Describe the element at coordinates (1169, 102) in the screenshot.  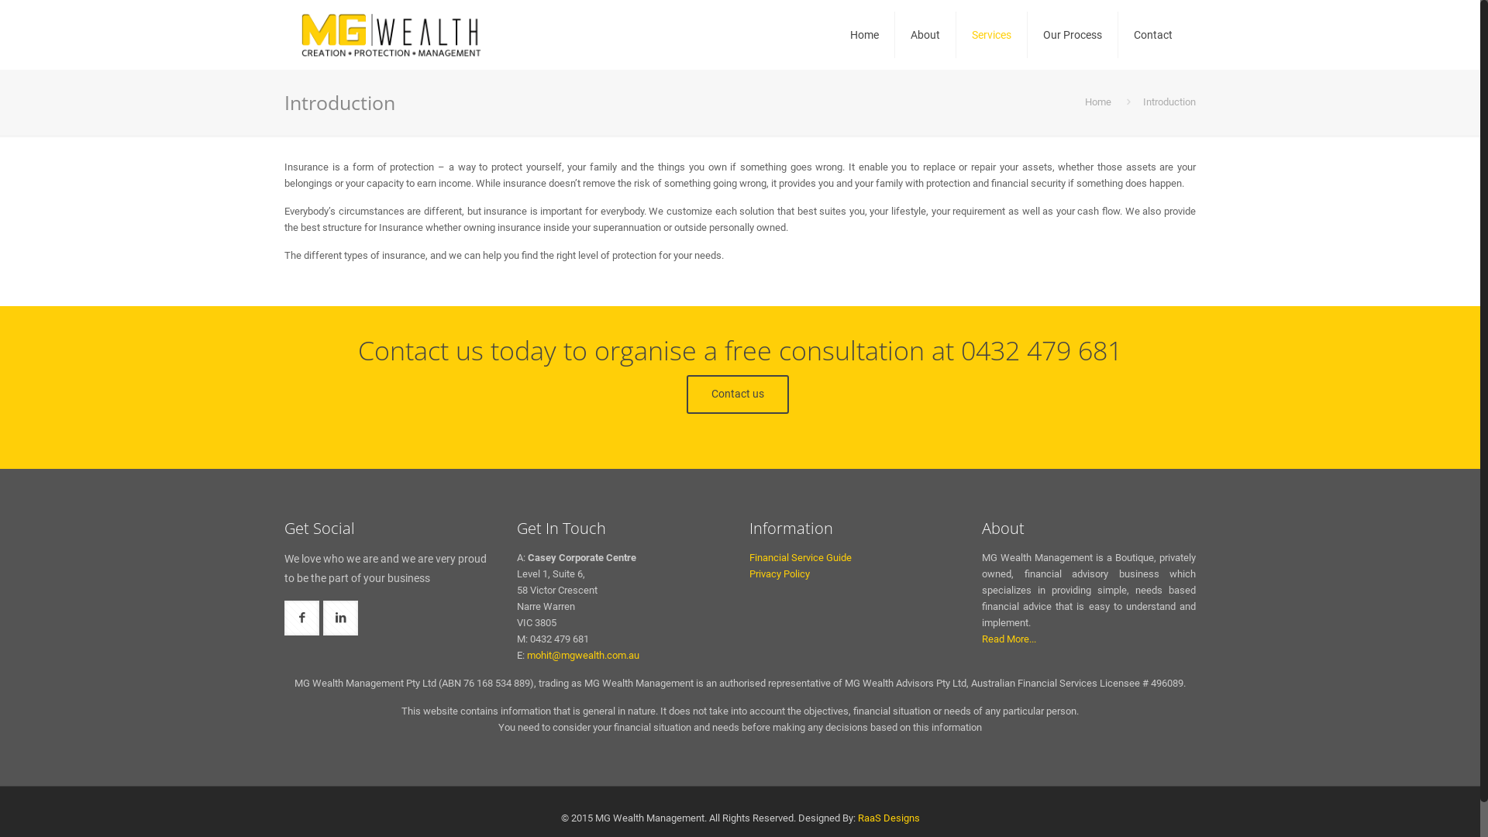
I see `'Introduction'` at that location.